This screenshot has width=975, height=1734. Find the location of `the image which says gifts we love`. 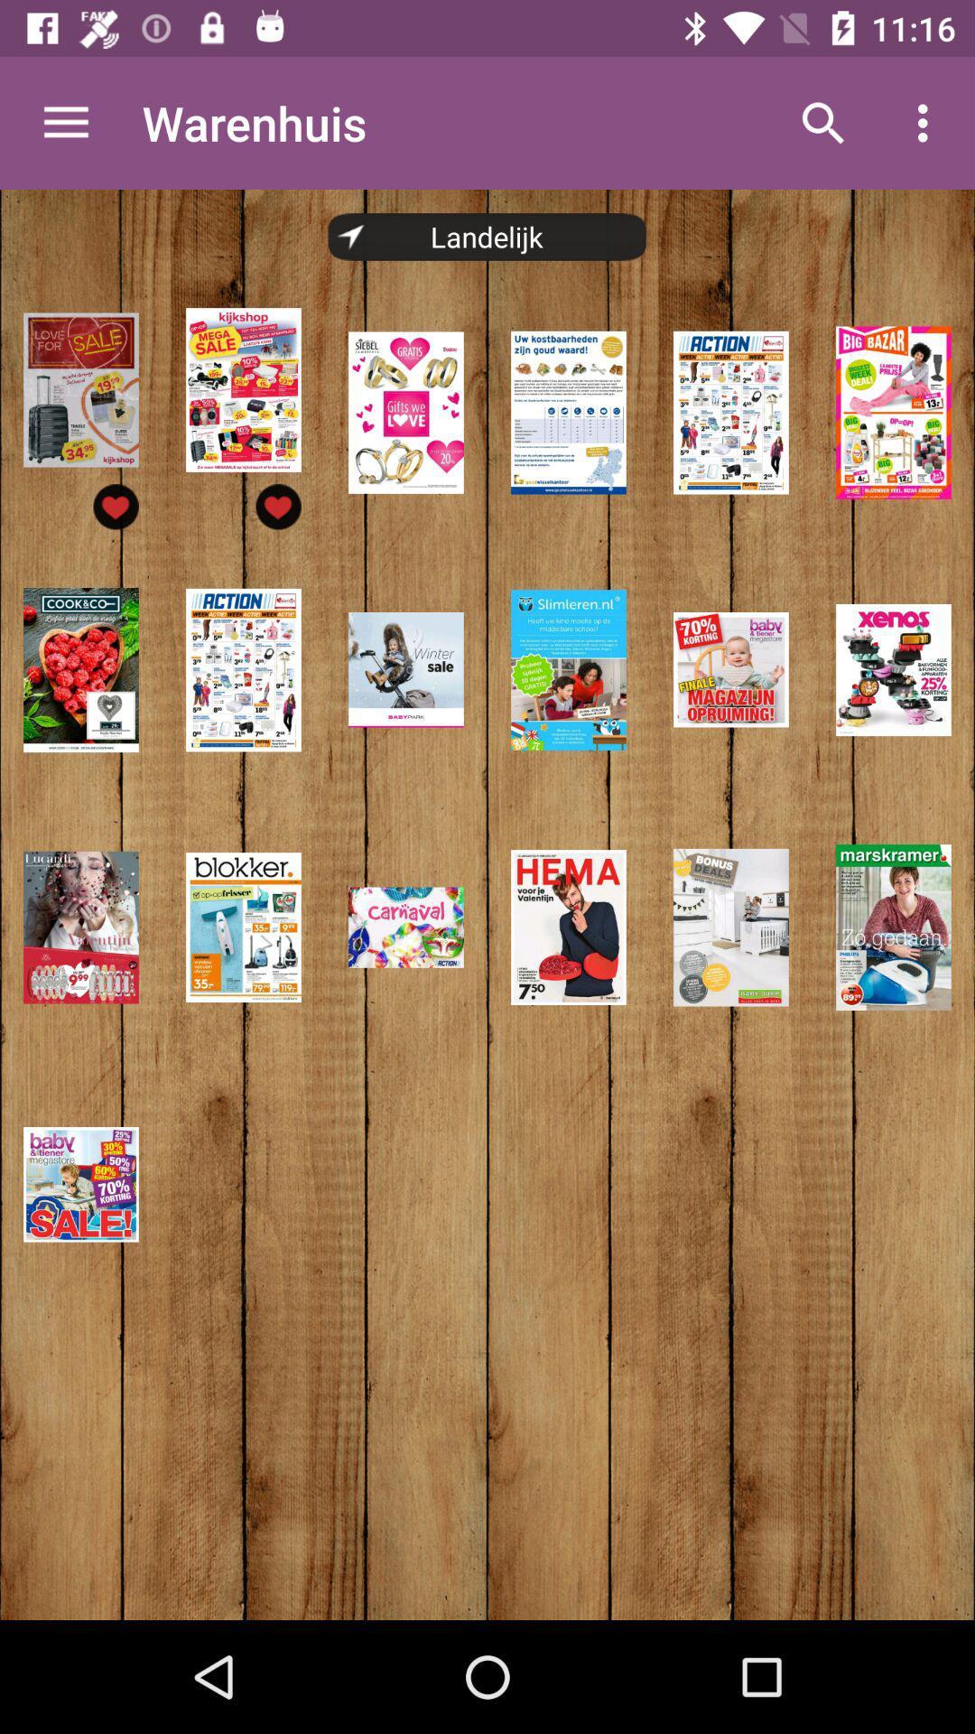

the image which says gifts we love is located at coordinates (406, 411).